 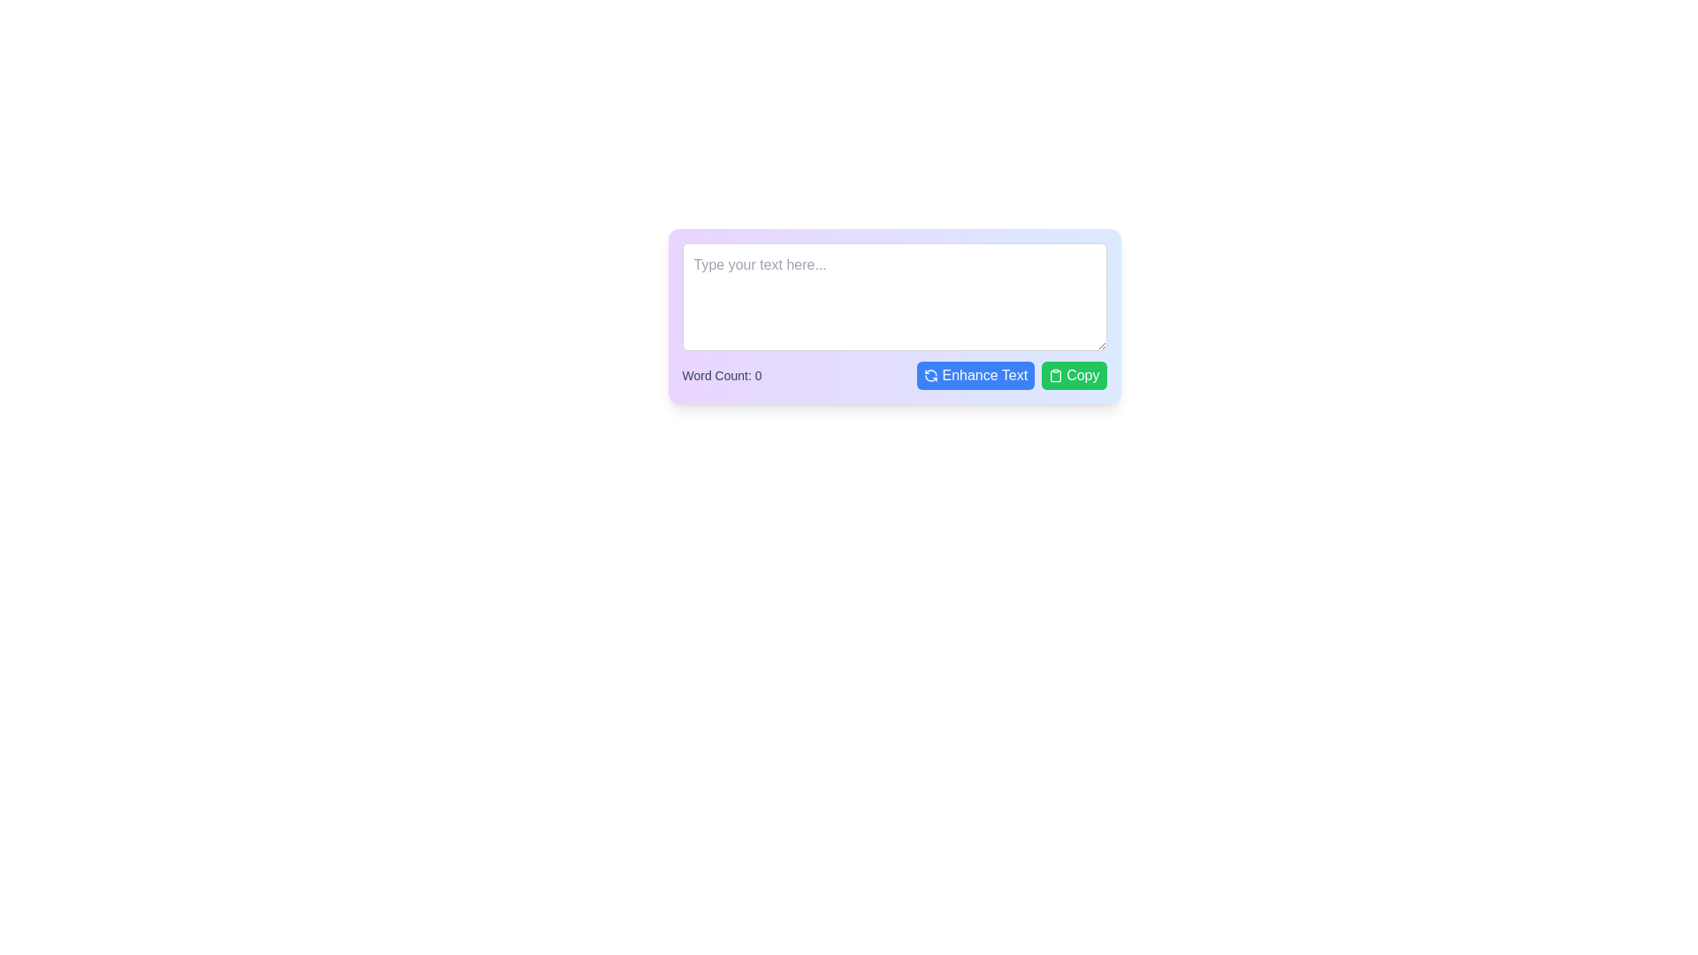 I want to click on the 'Enhance Text' button with a blue background and white text, so click(x=975, y=374).